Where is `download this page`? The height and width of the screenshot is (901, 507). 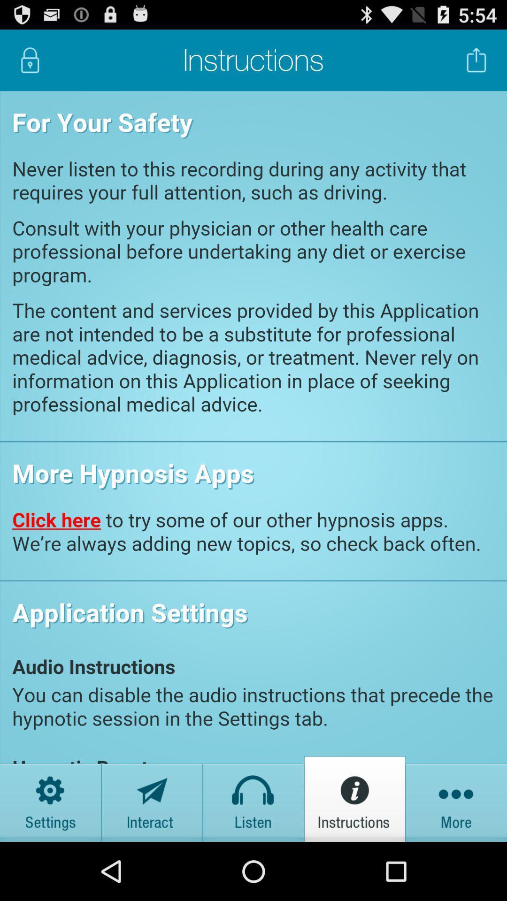
download this page is located at coordinates (476, 60).